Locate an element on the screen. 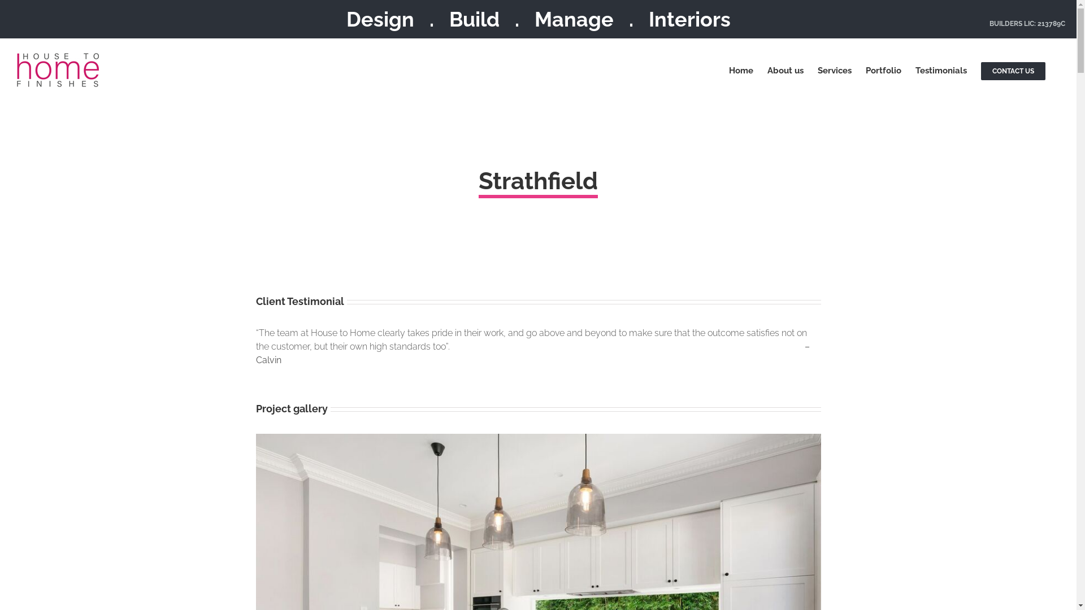 Image resolution: width=1085 pixels, height=610 pixels. 'About us' is located at coordinates (767, 69).